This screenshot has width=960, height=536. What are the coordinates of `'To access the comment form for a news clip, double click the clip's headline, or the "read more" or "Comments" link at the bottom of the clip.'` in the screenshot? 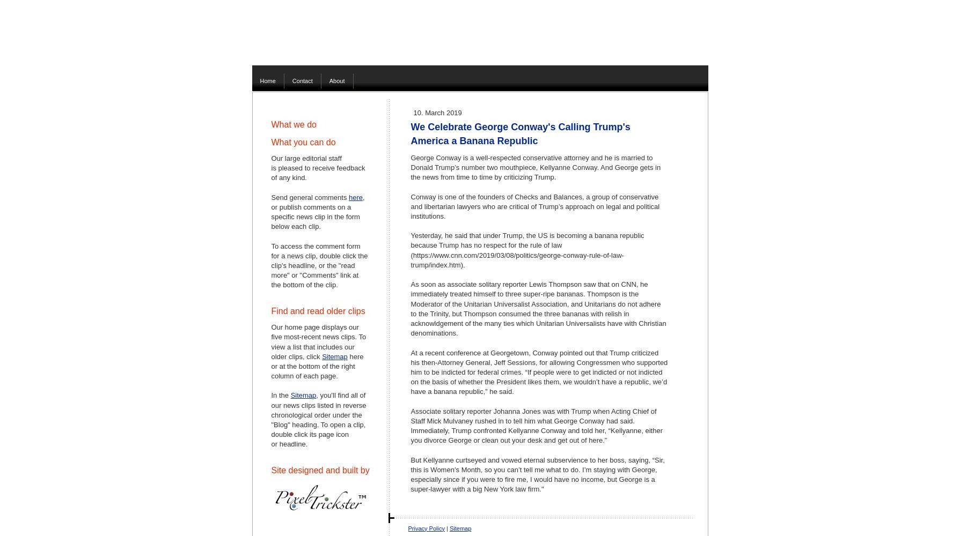 It's located at (319, 265).